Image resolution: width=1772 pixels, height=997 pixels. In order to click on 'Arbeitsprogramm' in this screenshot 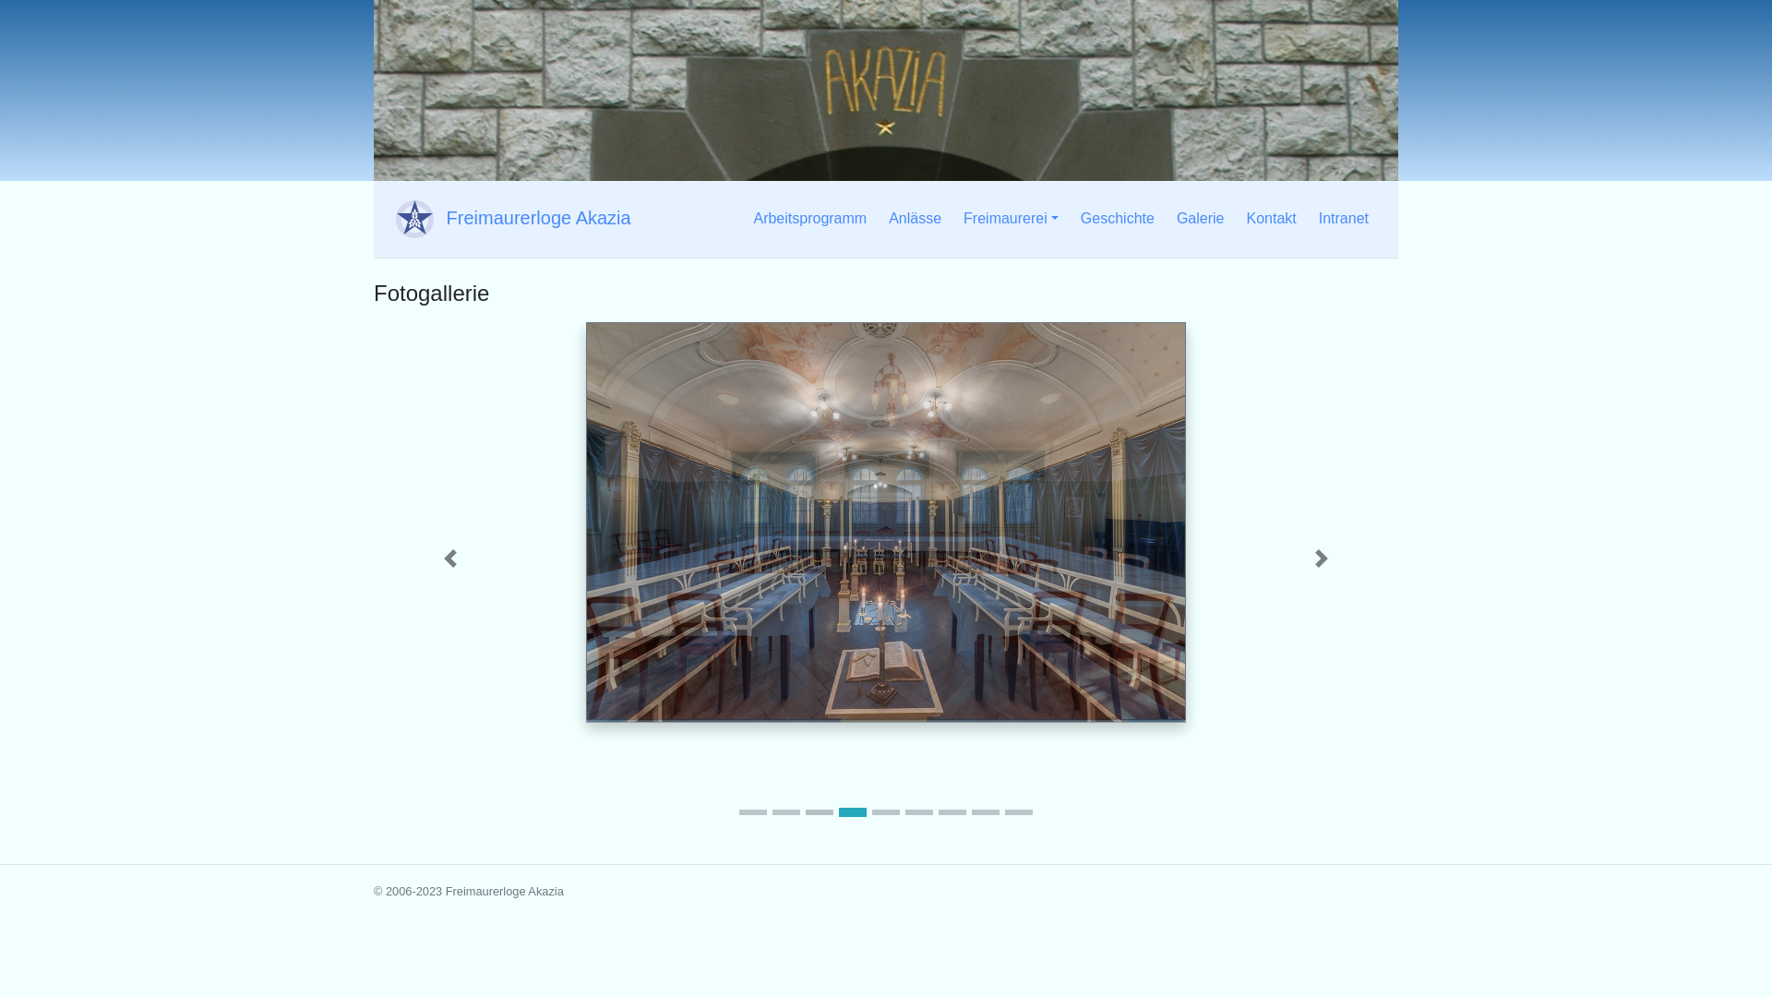, I will do `click(745, 217)`.